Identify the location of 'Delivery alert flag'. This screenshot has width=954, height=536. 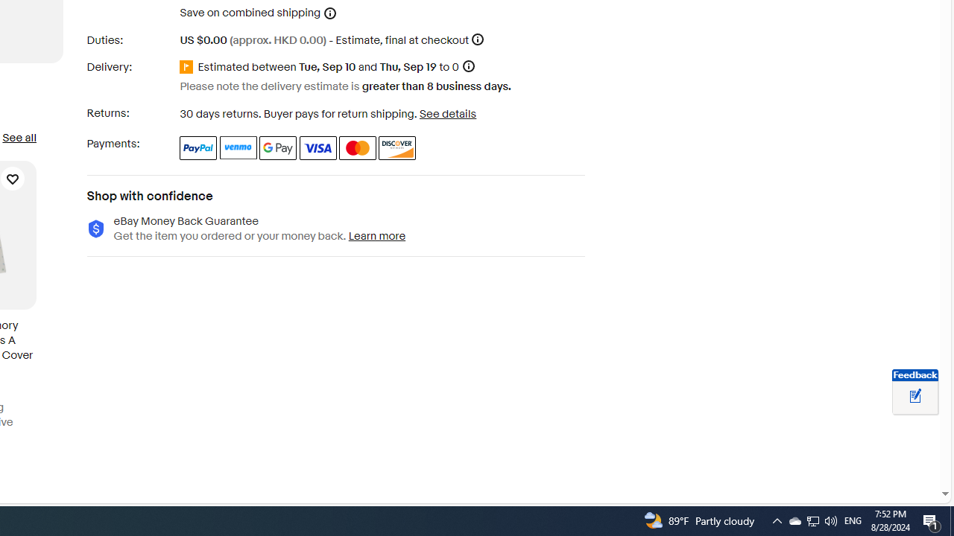
(188, 67).